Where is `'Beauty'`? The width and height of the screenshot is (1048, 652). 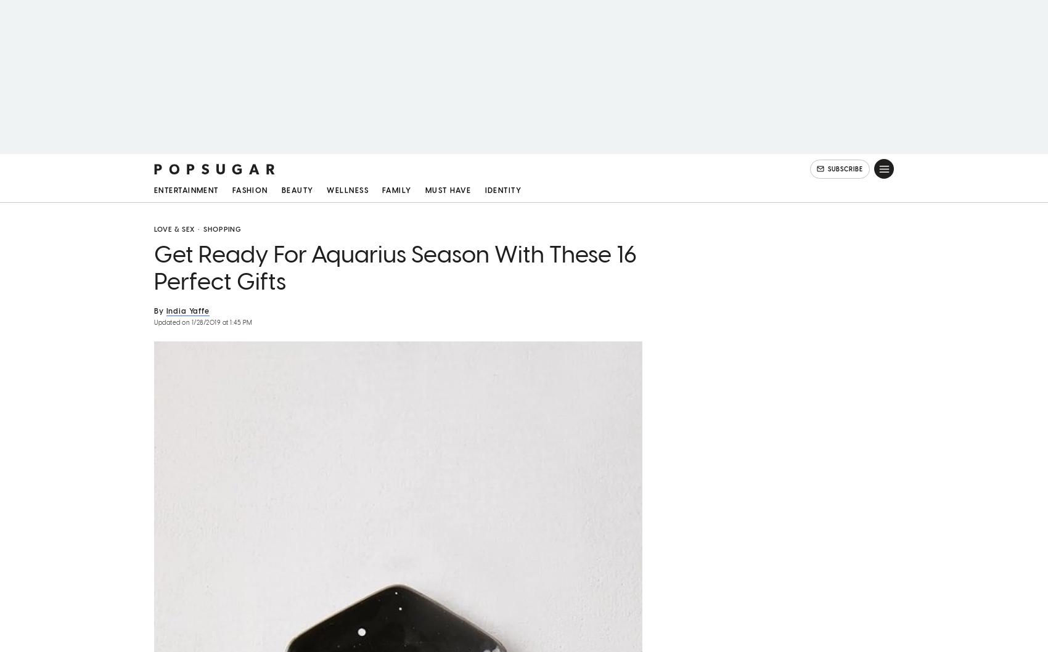
'Beauty' is located at coordinates (297, 192).